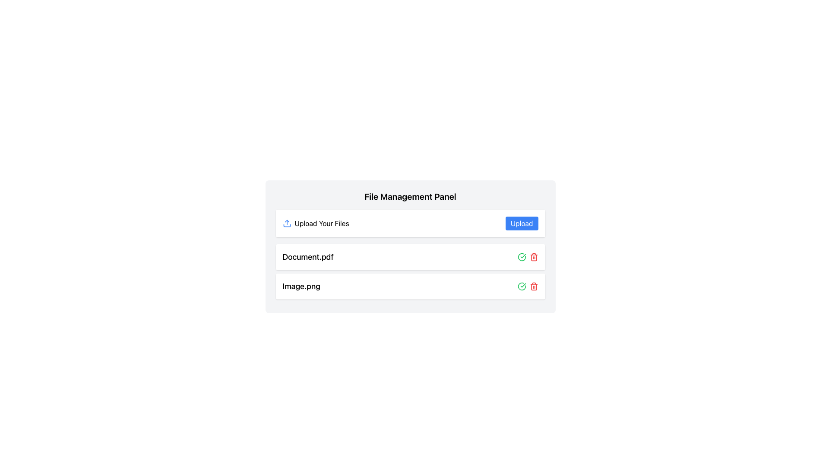 The height and width of the screenshot is (466, 829). Describe the element at coordinates (287, 223) in the screenshot. I see `the upload icon located at the left side of the first row of the File Management Panel` at that location.